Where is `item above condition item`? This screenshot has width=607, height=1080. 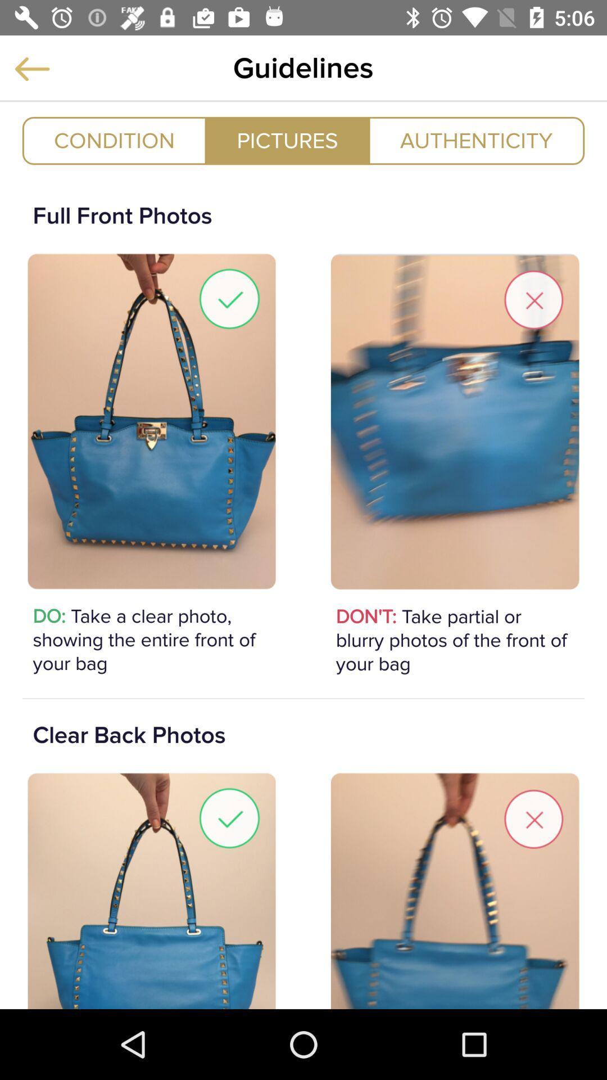 item above condition item is located at coordinates (31, 68).